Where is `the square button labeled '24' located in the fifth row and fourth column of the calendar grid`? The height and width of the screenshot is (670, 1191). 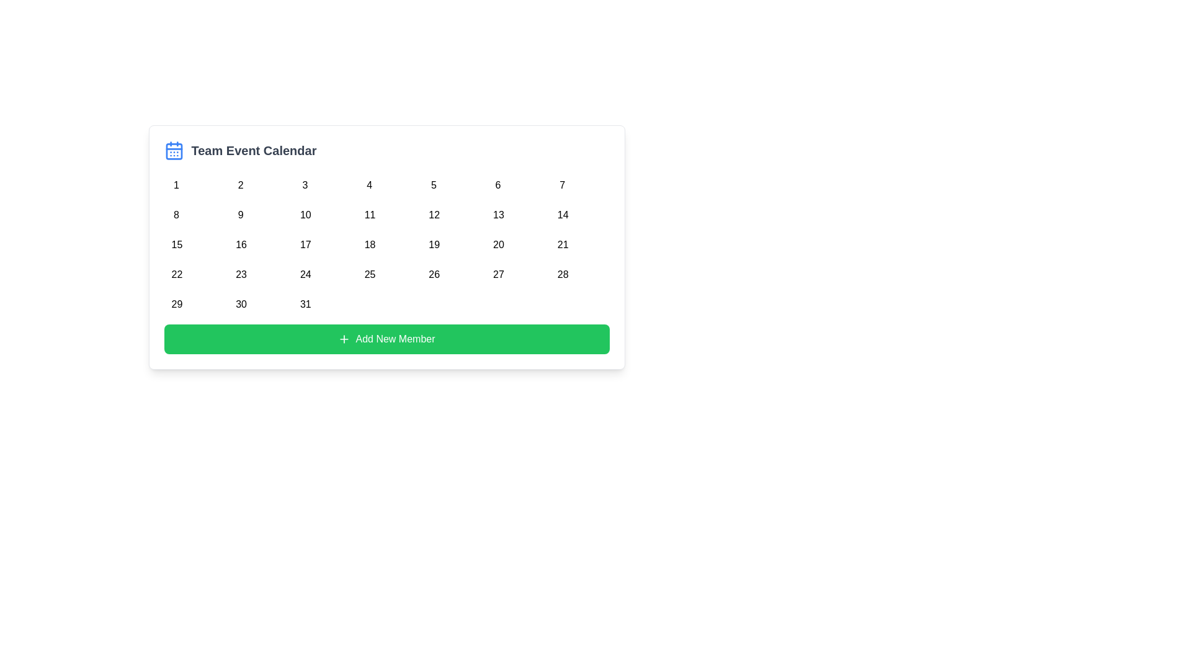 the square button labeled '24' located in the fifth row and fourth column of the calendar grid is located at coordinates (305, 272).